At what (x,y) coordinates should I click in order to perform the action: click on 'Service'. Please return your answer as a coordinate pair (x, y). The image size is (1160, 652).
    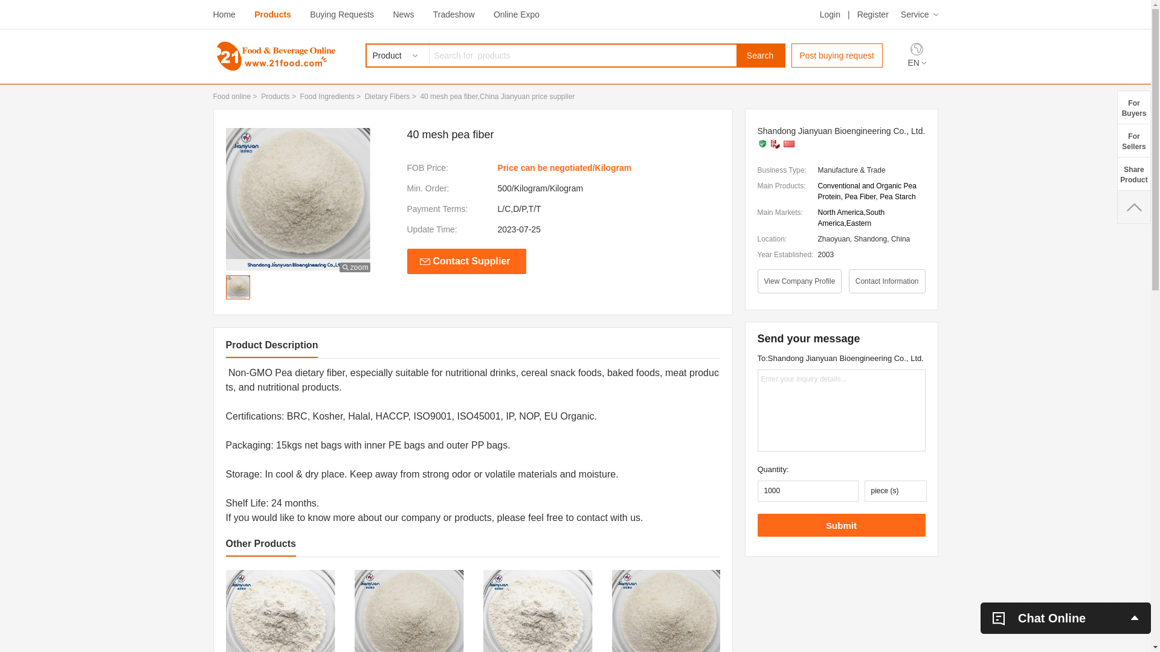
    Looking at the image, I should click on (918, 14).